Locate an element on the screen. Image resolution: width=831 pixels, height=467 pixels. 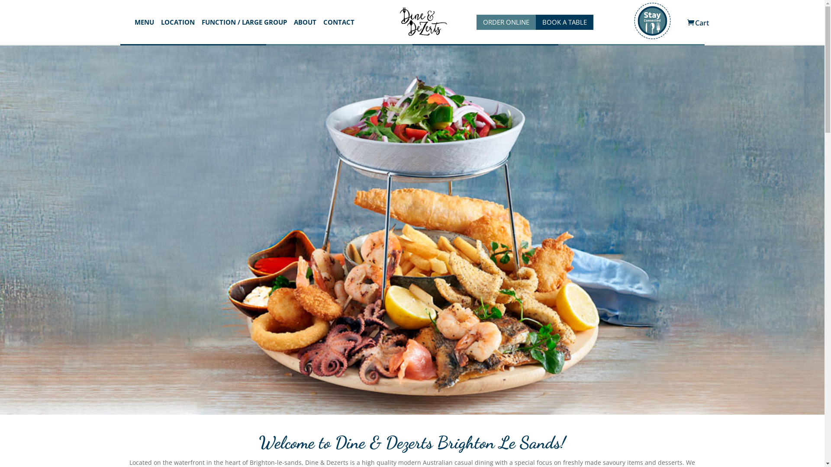
'ABOUT' is located at coordinates (305, 31).